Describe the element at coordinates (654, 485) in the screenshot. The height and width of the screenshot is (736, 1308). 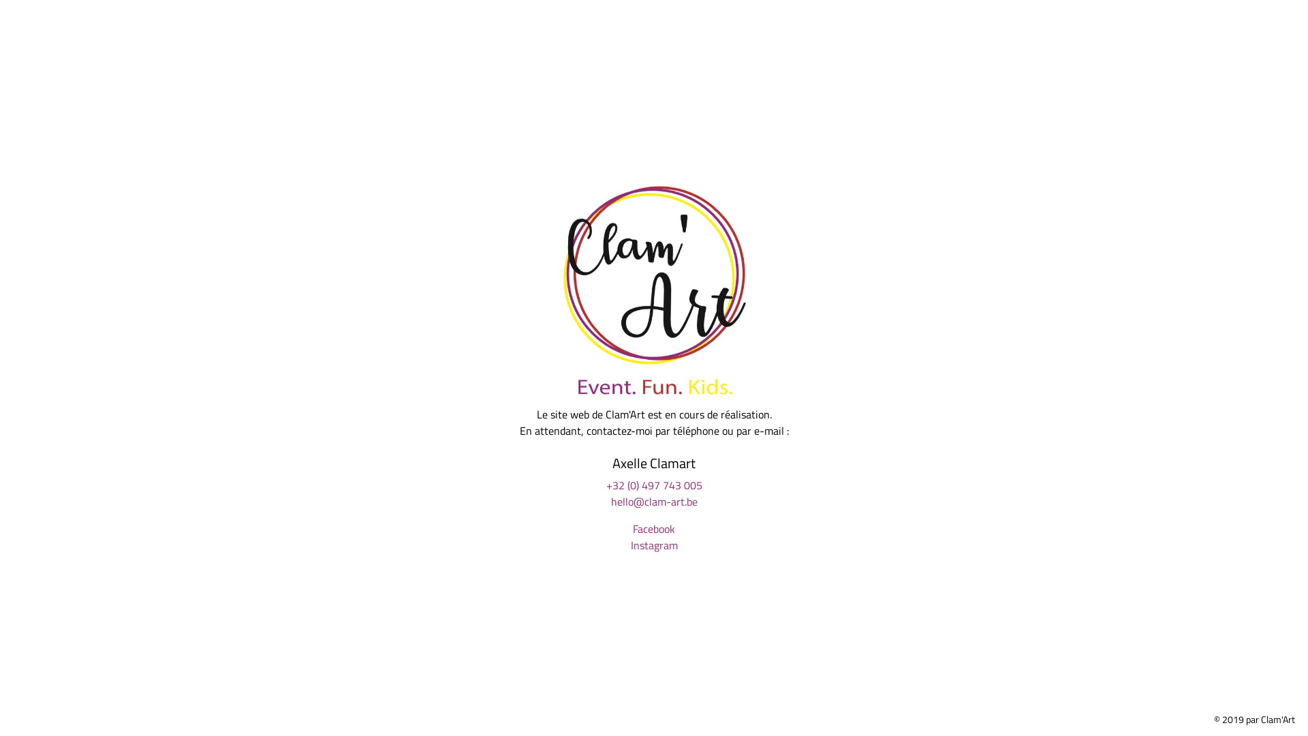
I see `'+32 (0) 497 743 005'` at that location.